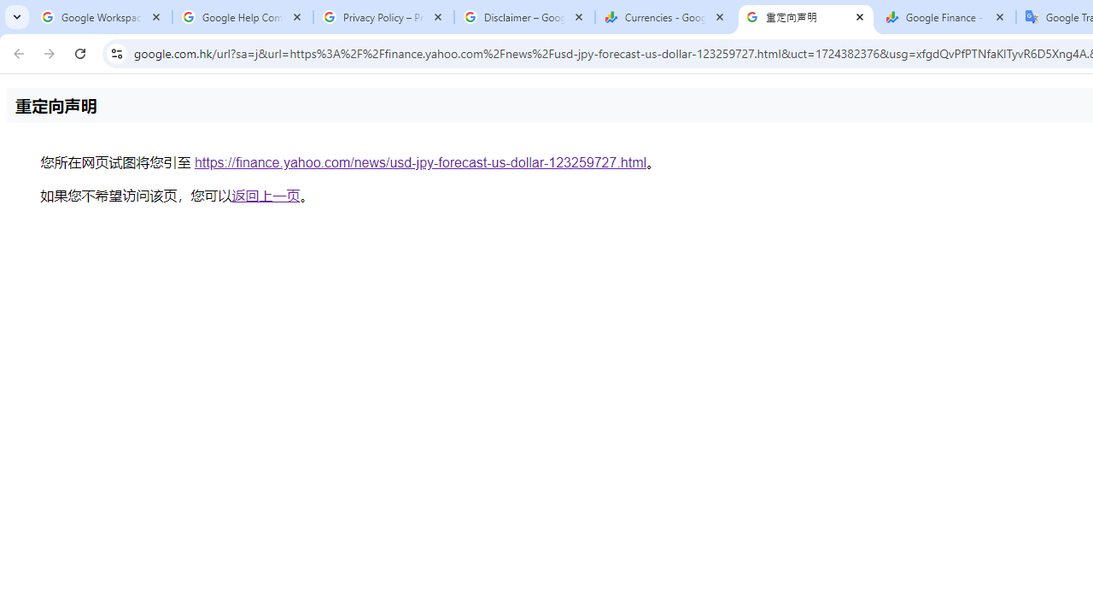  Describe the element at coordinates (664, 17) in the screenshot. I see `'Currencies - Google Finance'` at that location.